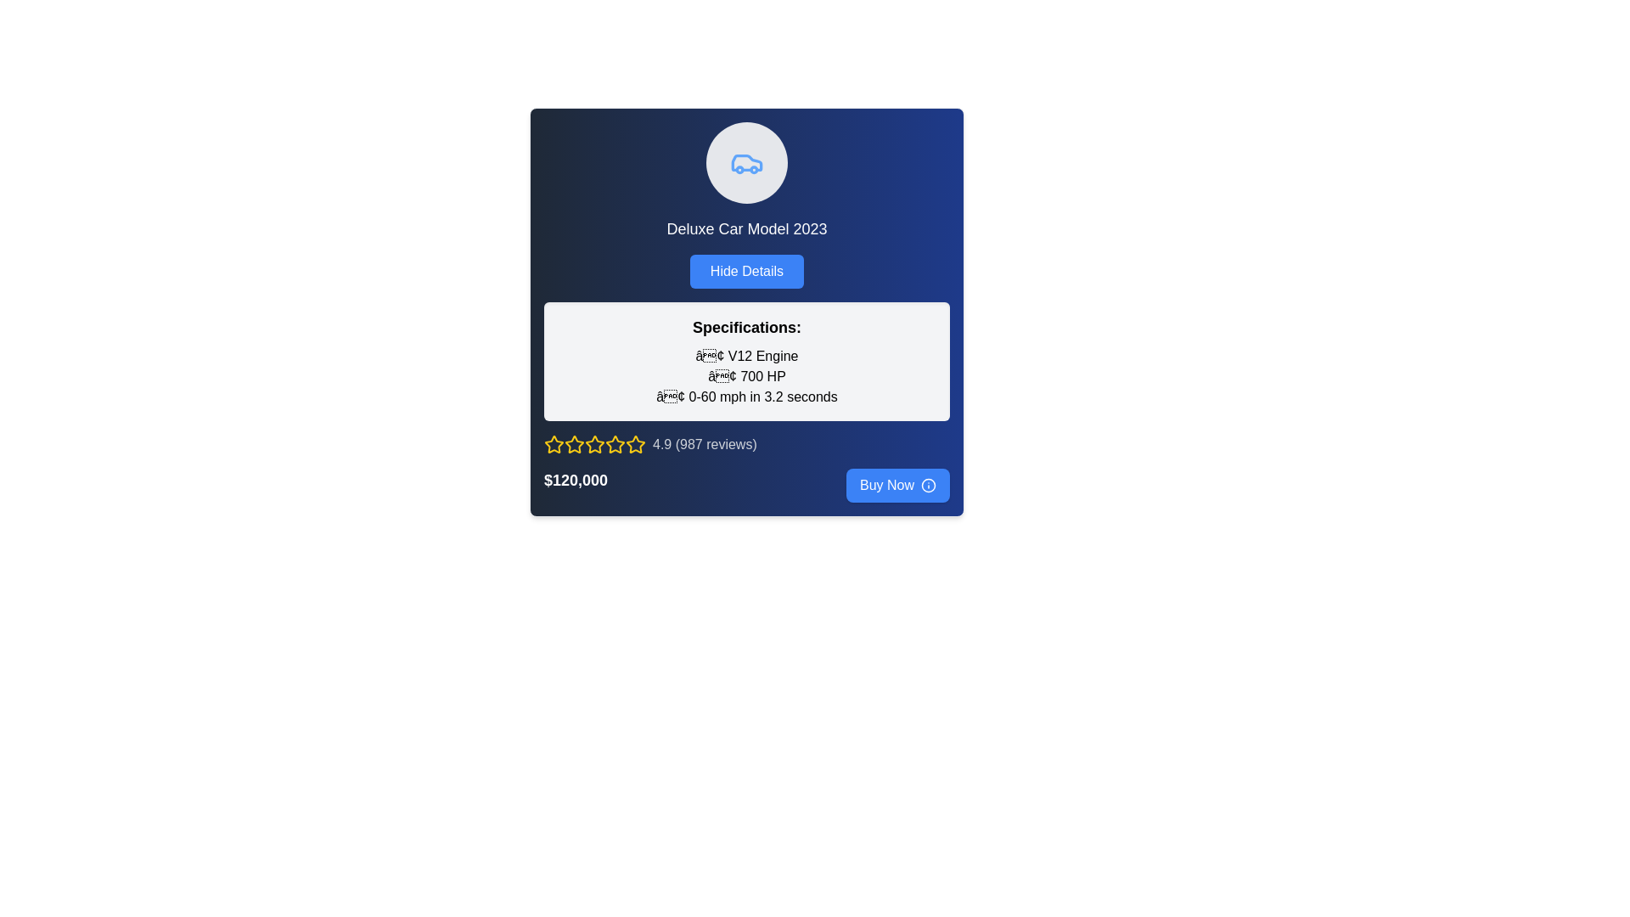 The width and height of the screenshot is (1630, 917). I want to click on the text element displaying '• 0-60 mph in 3.2 seconds', which is the third item in a bulleted list of specifications under the heading 'Specifications', so click(746, 397).